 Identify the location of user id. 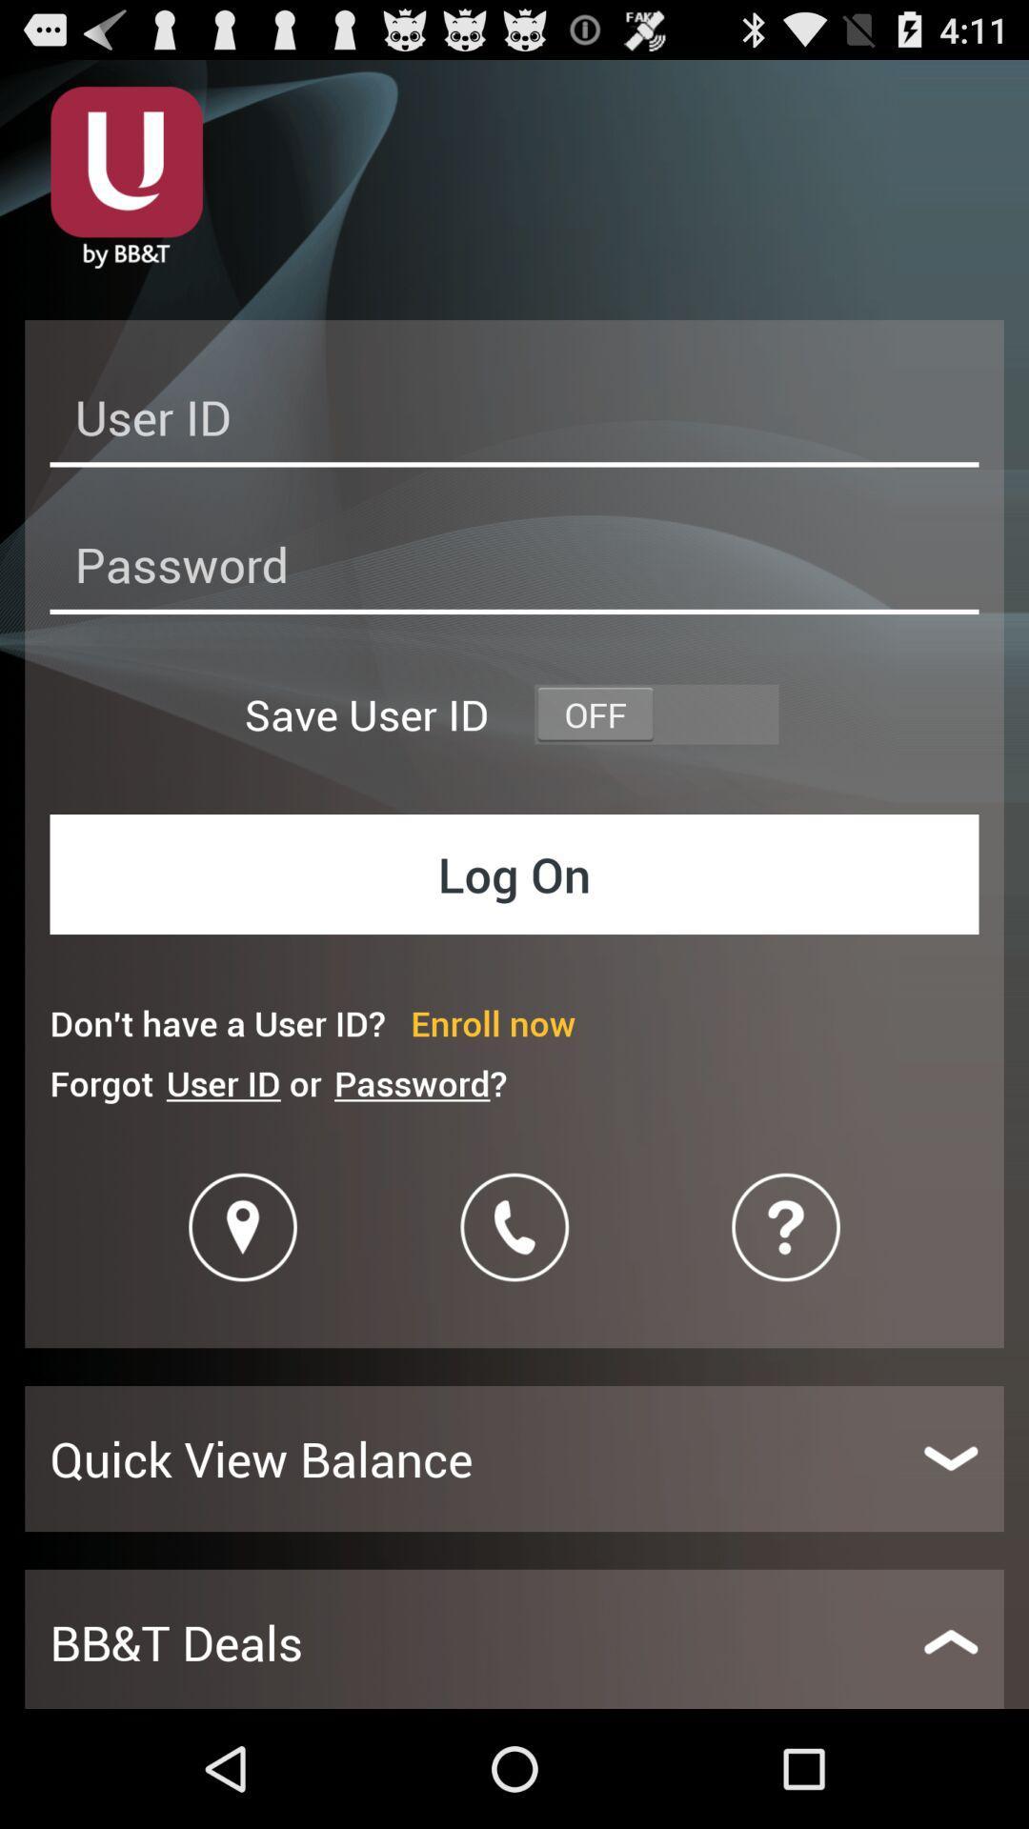
(514, 422).